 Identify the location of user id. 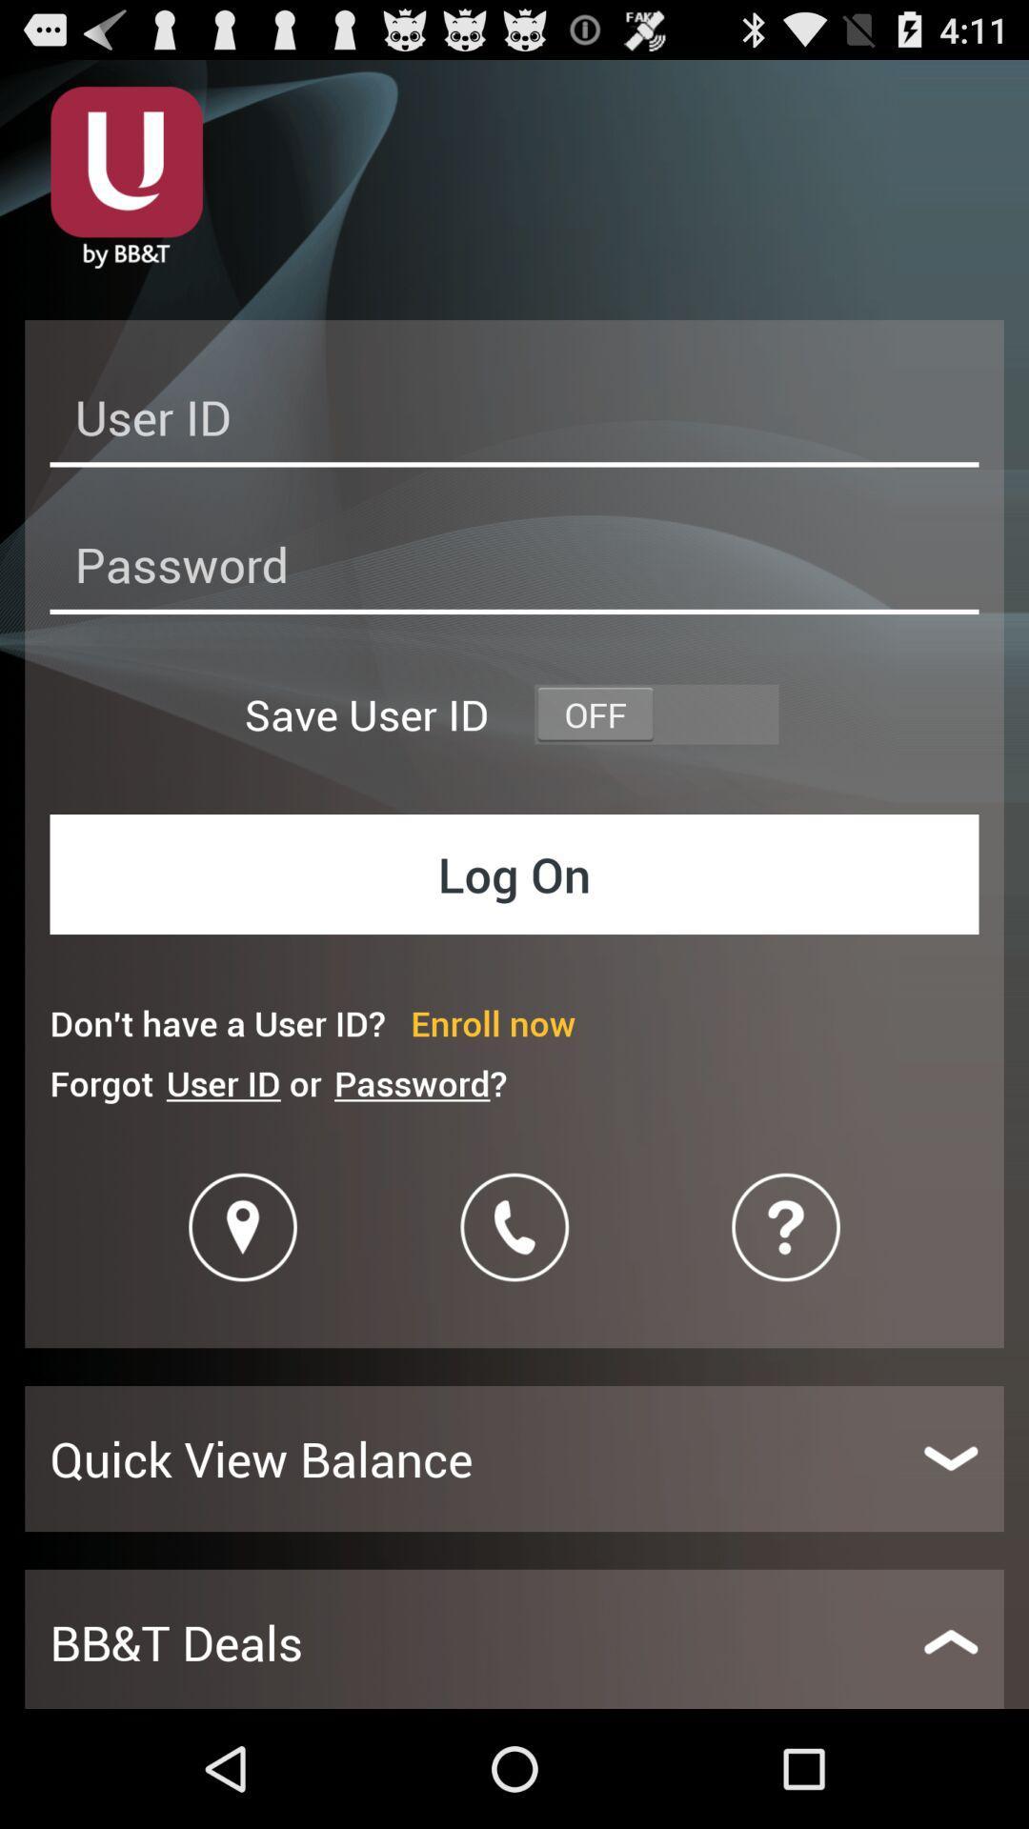
(514, 422).